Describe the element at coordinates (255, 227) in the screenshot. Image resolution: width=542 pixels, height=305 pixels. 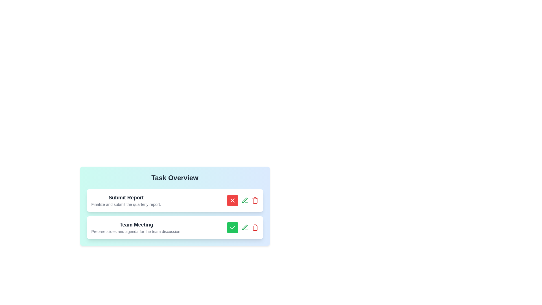
I see `delete button for the task titled Team Meeting` at that location.